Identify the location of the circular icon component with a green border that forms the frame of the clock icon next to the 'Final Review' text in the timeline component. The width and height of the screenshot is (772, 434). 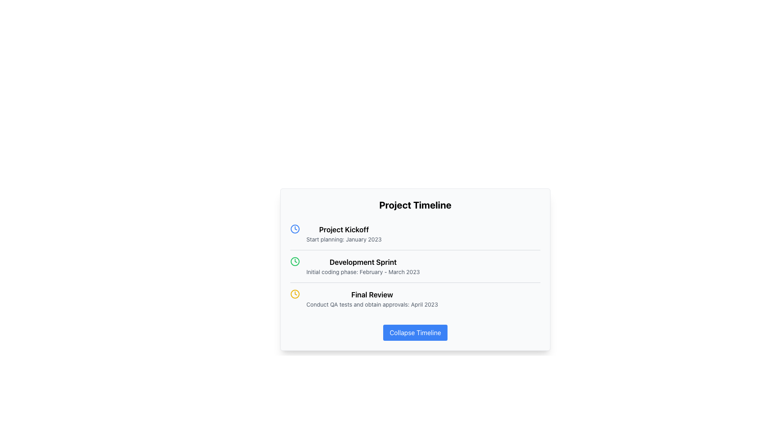
(295, 262).